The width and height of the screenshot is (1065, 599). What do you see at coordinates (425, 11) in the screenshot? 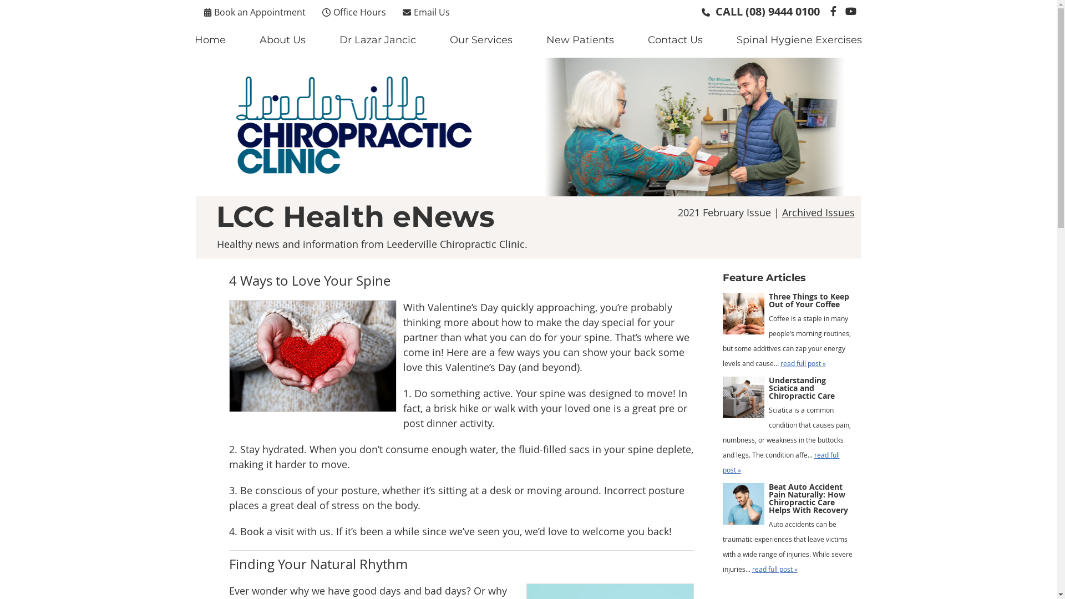
I see `'Email Us'` at bounding box center [425, 11].